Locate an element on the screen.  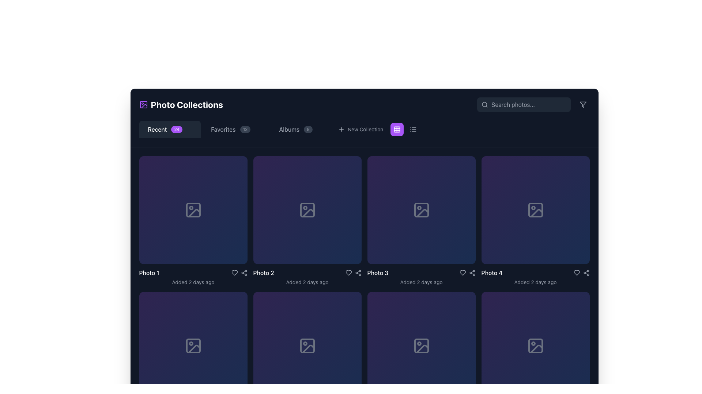
the triangular filter icon located in the top-right corner of the interface is located at coordinates (582, 104).